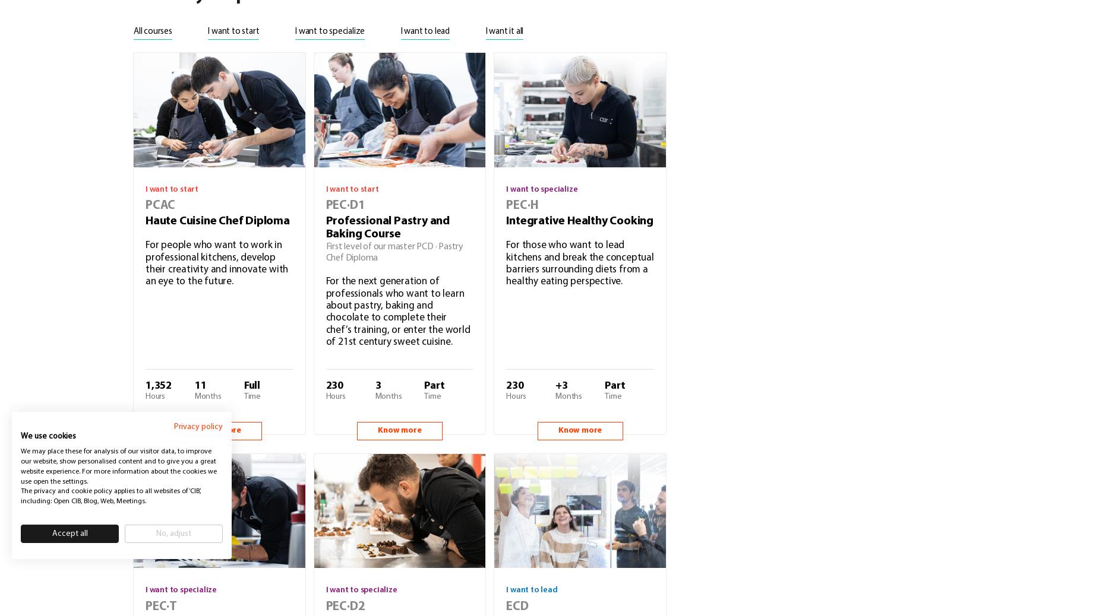 The width and height of the screenshot is (1099, 616). I want to click on 'PEC·D2', so click(345, 607).